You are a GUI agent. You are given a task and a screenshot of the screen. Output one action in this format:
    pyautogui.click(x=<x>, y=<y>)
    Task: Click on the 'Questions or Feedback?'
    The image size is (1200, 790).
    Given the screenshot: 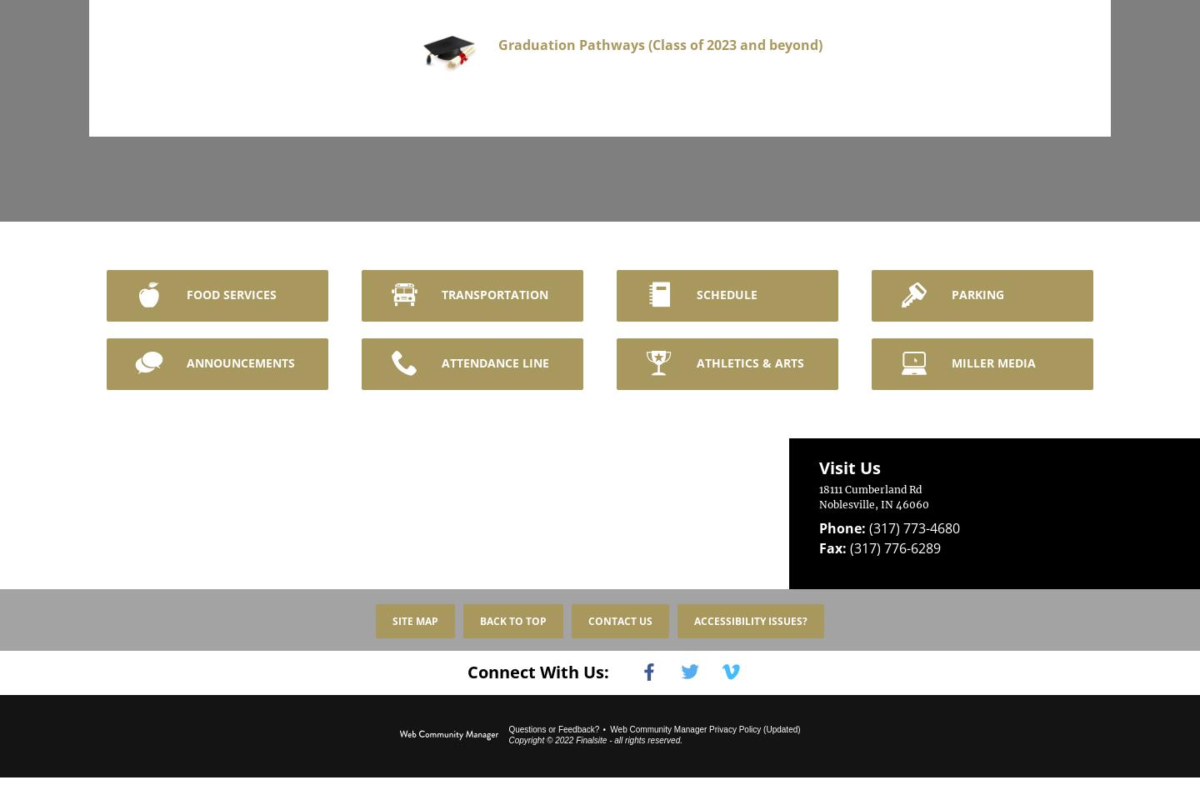 What is the action you would take?
    pyautogui.click(x=553, y=717)
    